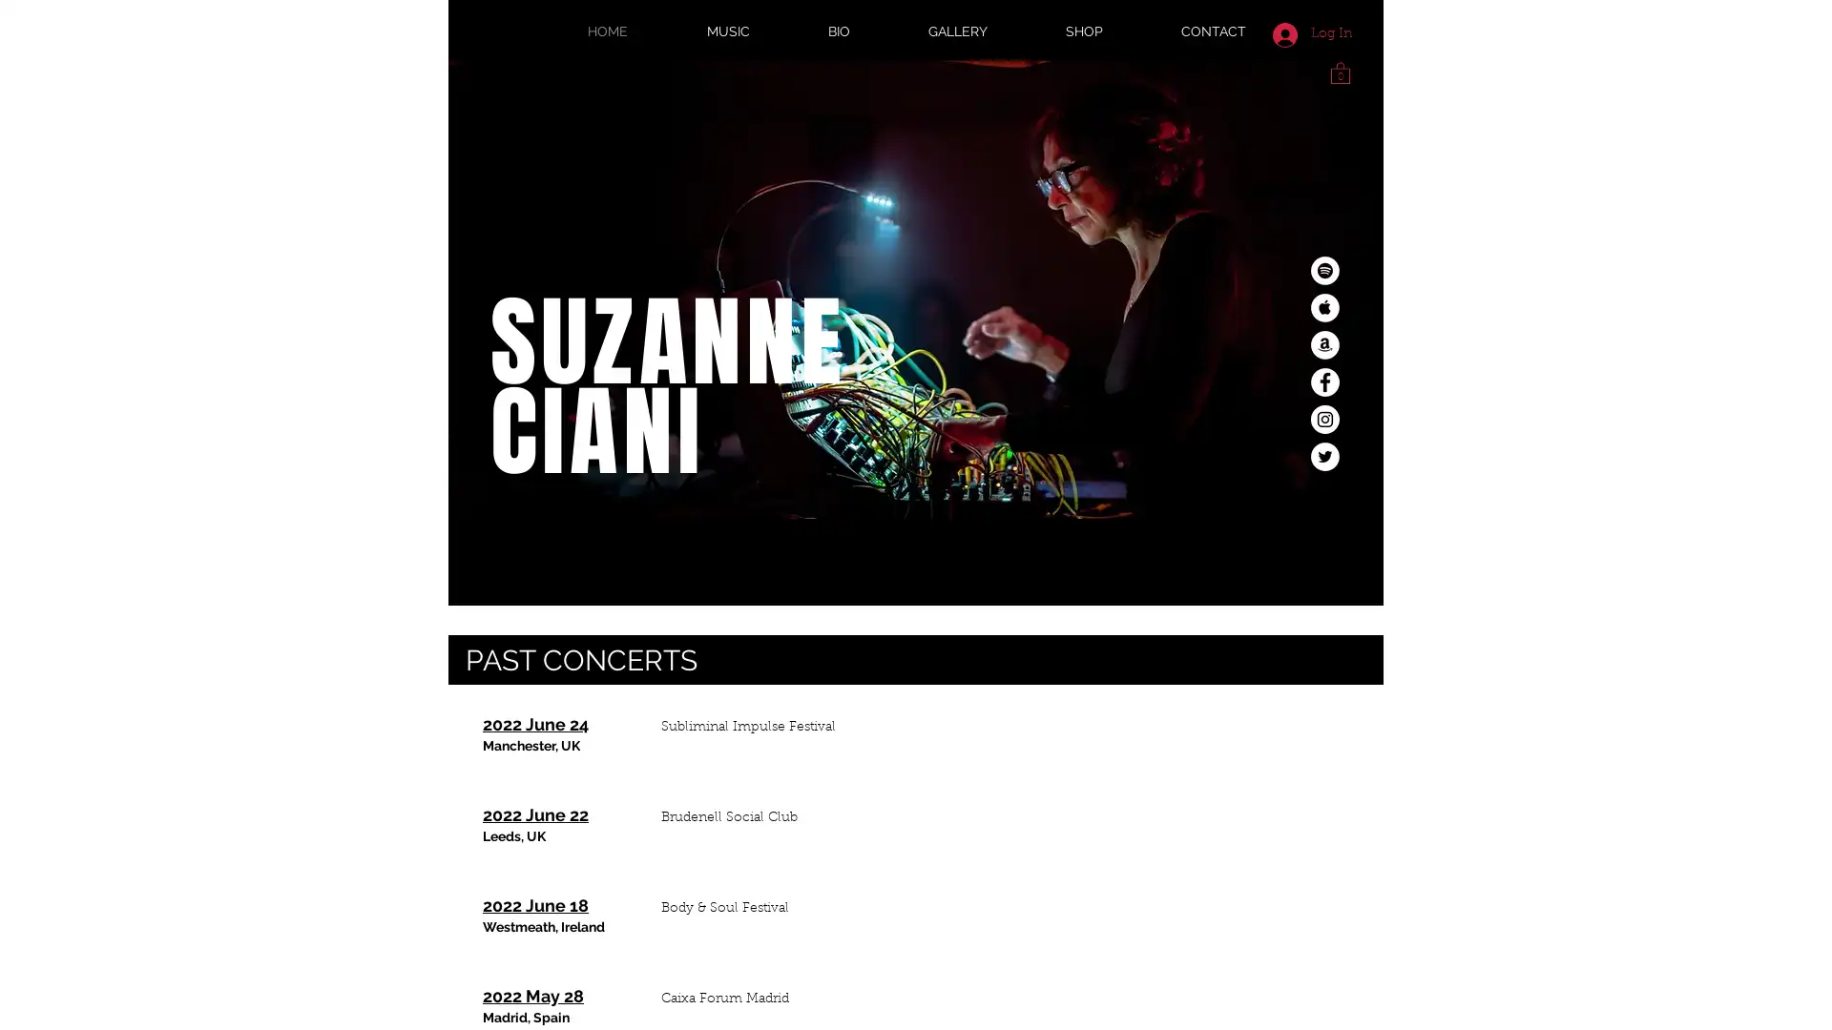 The width and height of the screenshot is (1832, 1030). Describe the element at coordinates (1311, 33) in the screenshot. I see `Log In` at that location.